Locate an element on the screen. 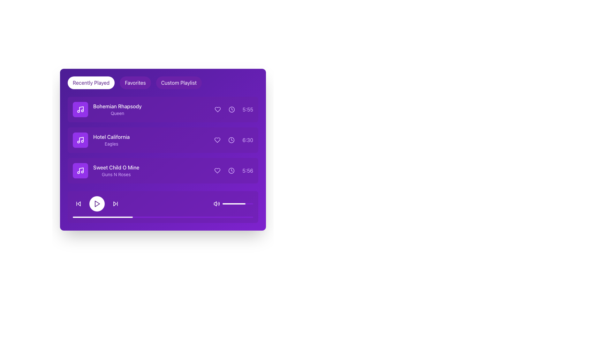 The width and height of the screenshot is (613, 344). the music track button representing 'Bohemian Rhapsody - Queen' is located at coordinates (80, 109).